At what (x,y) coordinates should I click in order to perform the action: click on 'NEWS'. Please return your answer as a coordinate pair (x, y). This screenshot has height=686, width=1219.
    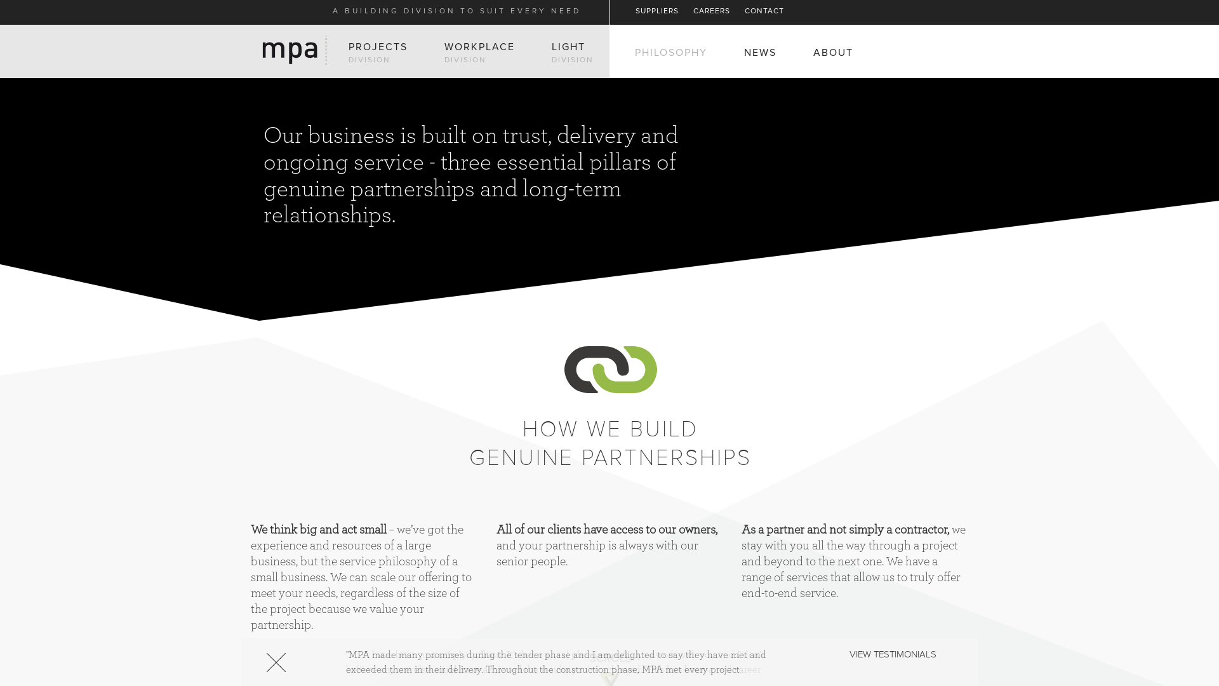
    Looking at the image, I should click on (760, 52).